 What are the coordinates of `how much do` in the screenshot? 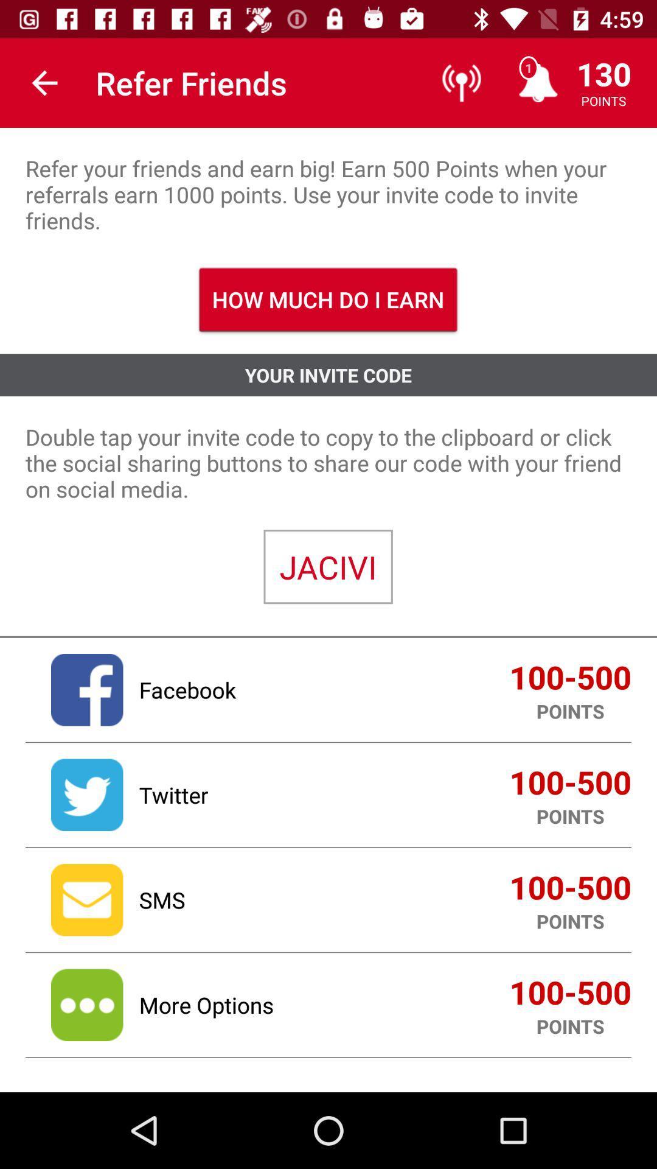 It's located at (327, 300).